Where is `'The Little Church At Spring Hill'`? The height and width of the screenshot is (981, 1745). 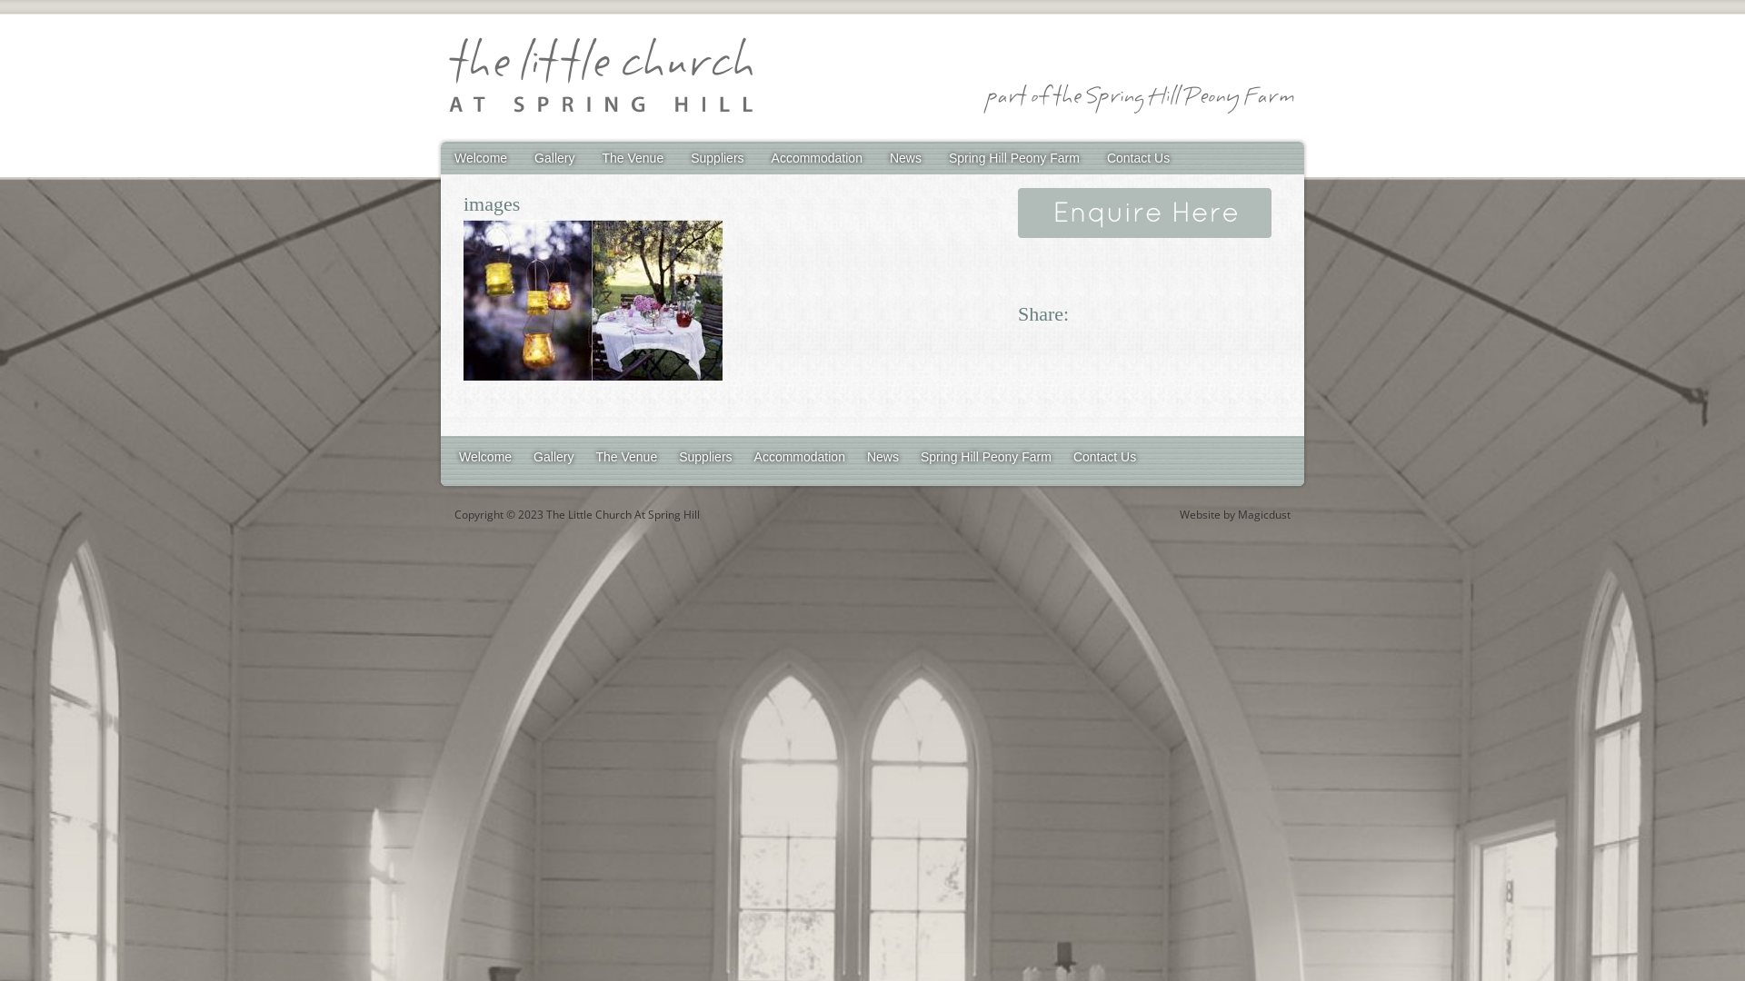
'The Little Church At Spring Hill' is located at coordinates (600, 76).